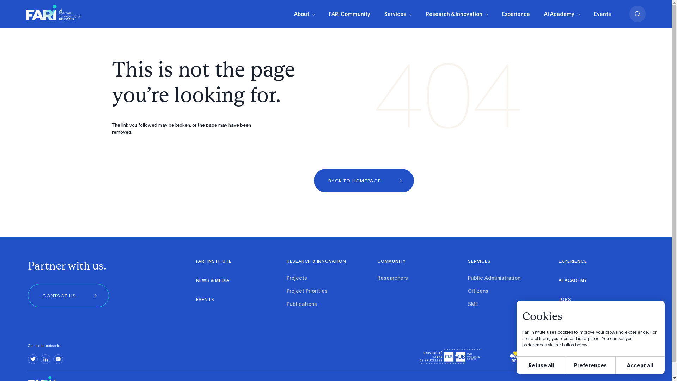 This screenshot has width=677, height=381. Describe the element at coordinates (572, 261) in the screenshot. I see `'EXPERIENCE'` at that location.